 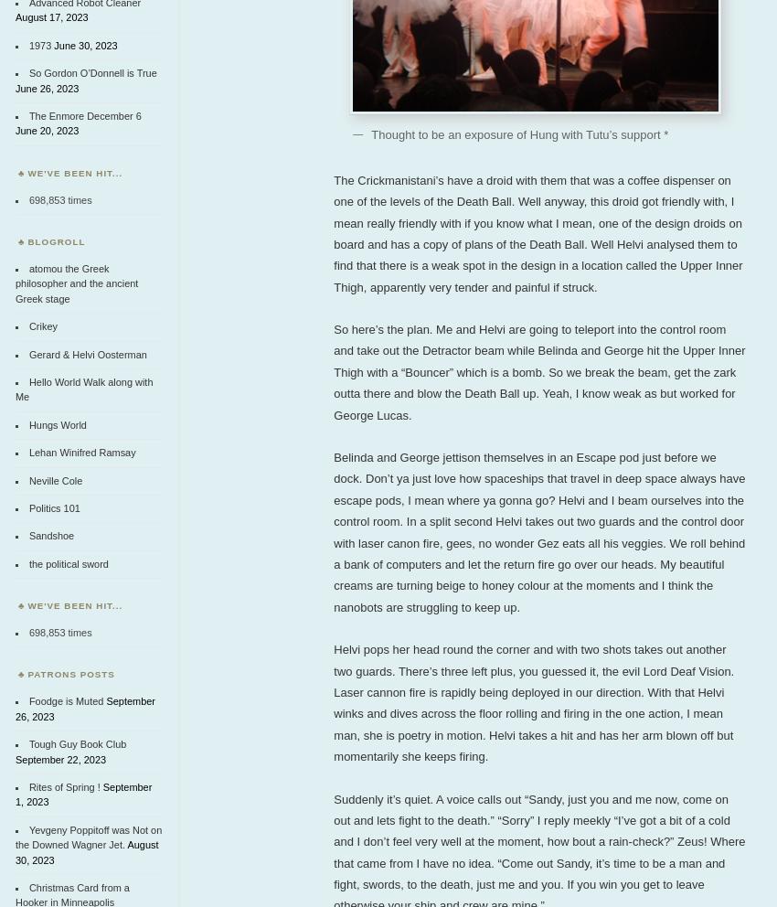 What do you see at coordinates (53, 507) in the screenshot?
I see `'Politics 101'` at bounding box center [53, 507].